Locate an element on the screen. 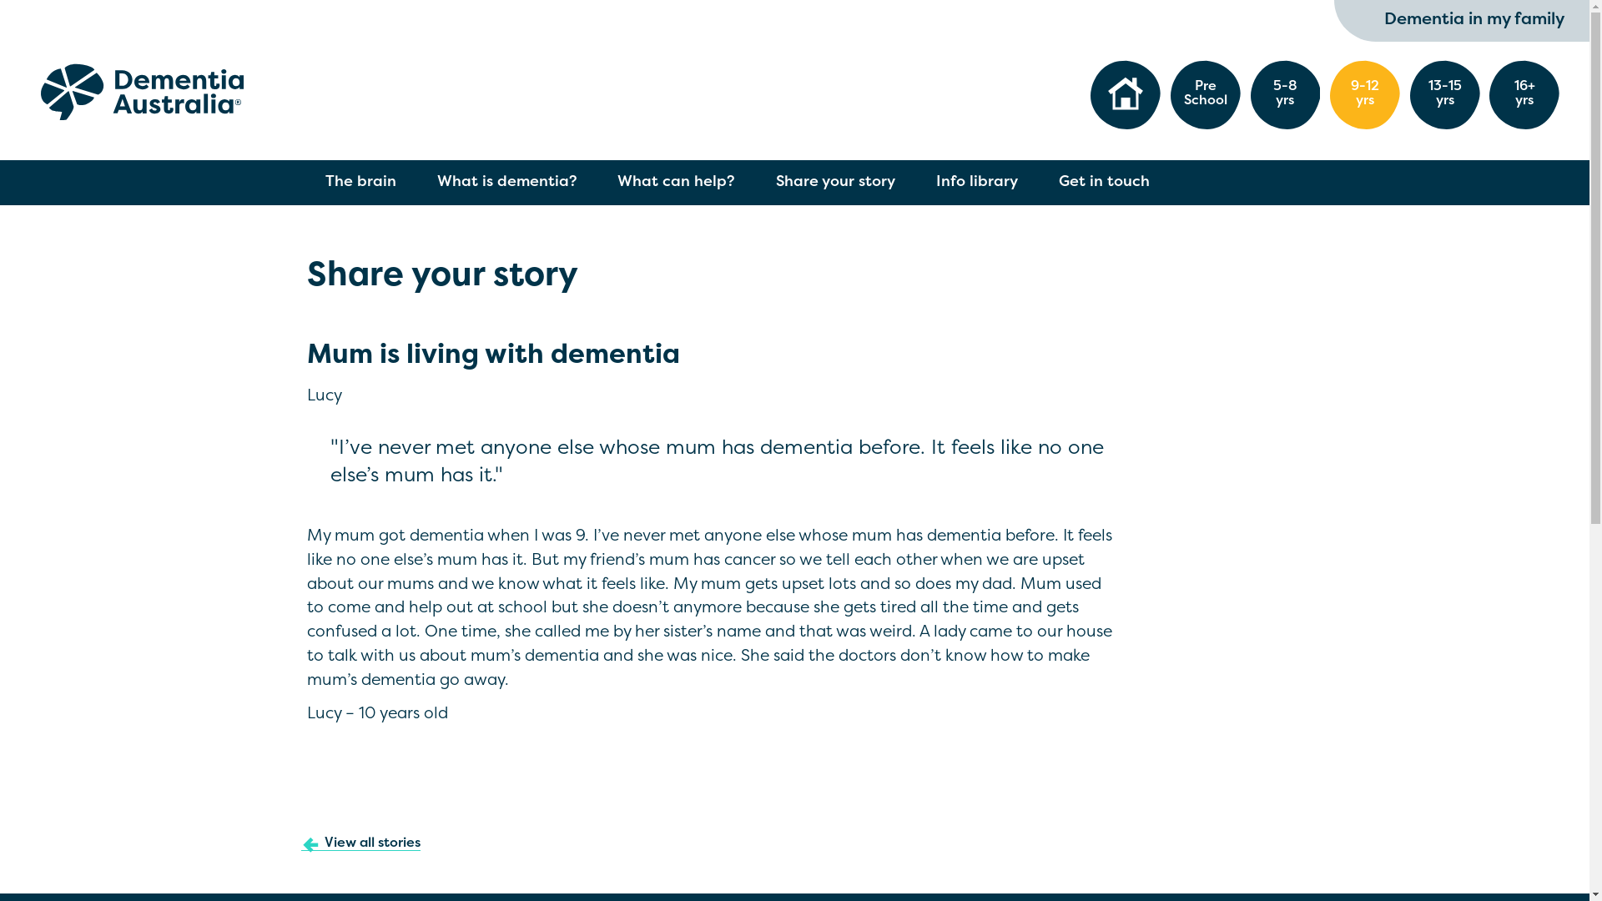 This screenshot has height=901, width=1602. '5-8 is located at coordinates (1284, 95).